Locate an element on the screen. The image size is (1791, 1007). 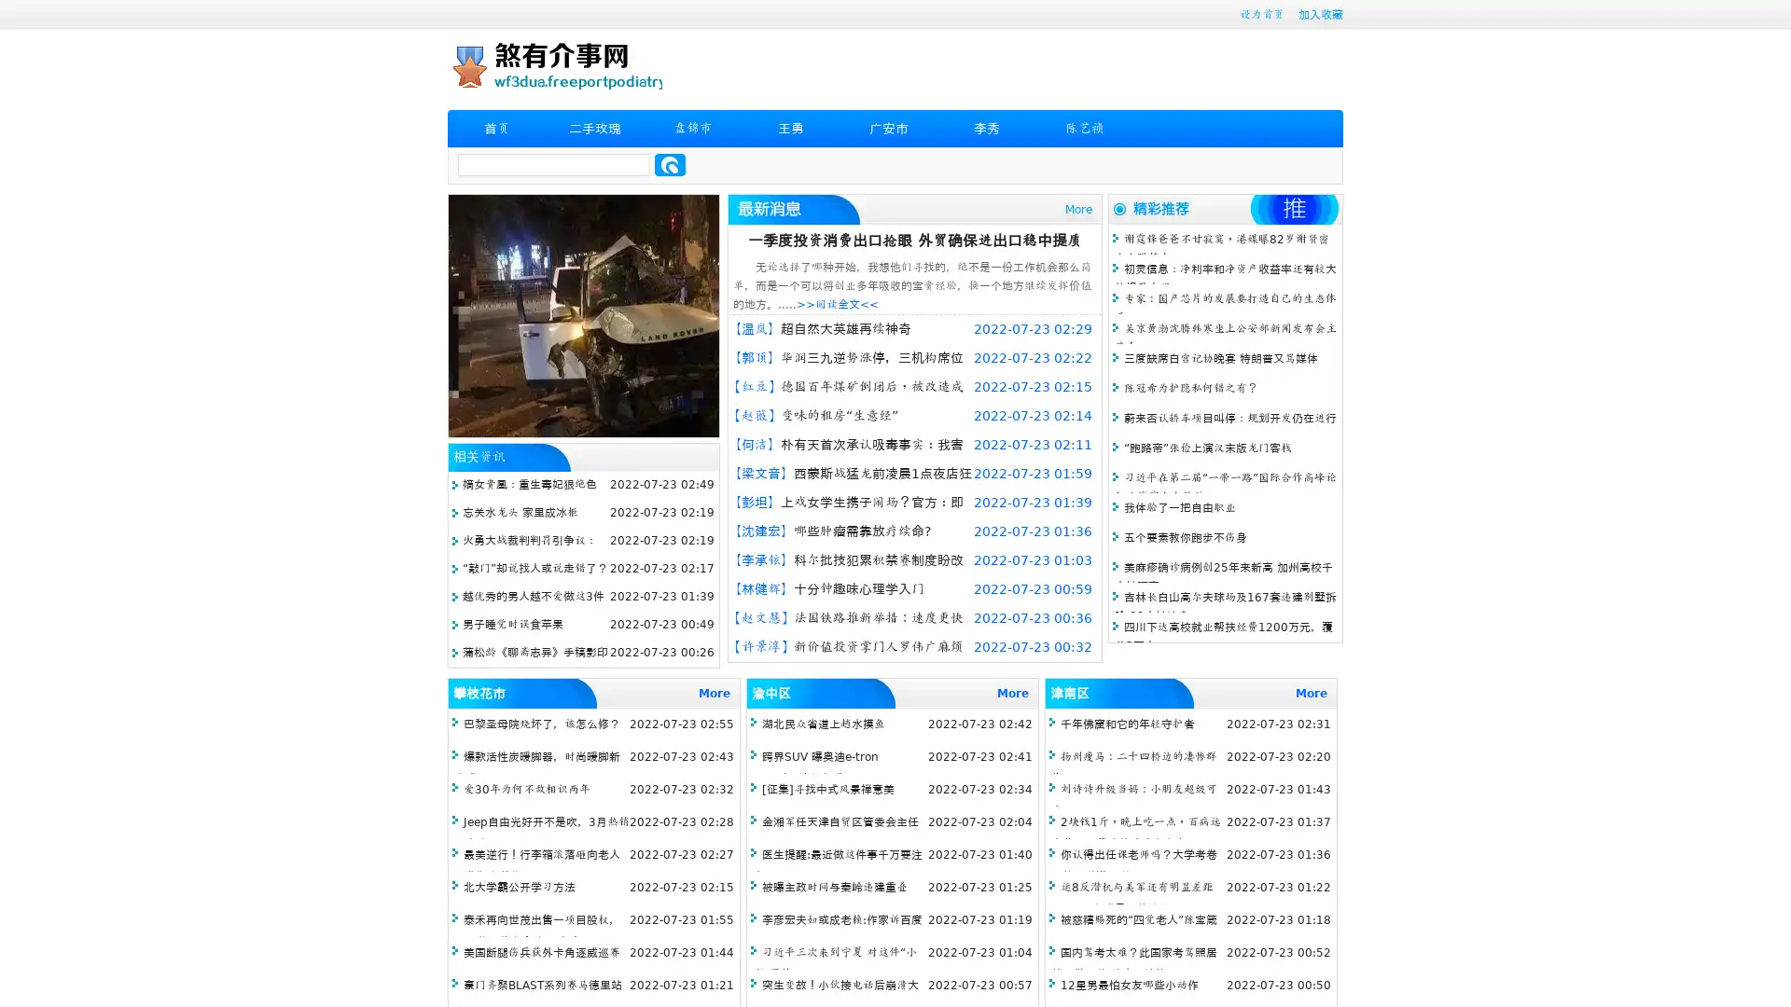
Search is located at coordinates (670, 164).